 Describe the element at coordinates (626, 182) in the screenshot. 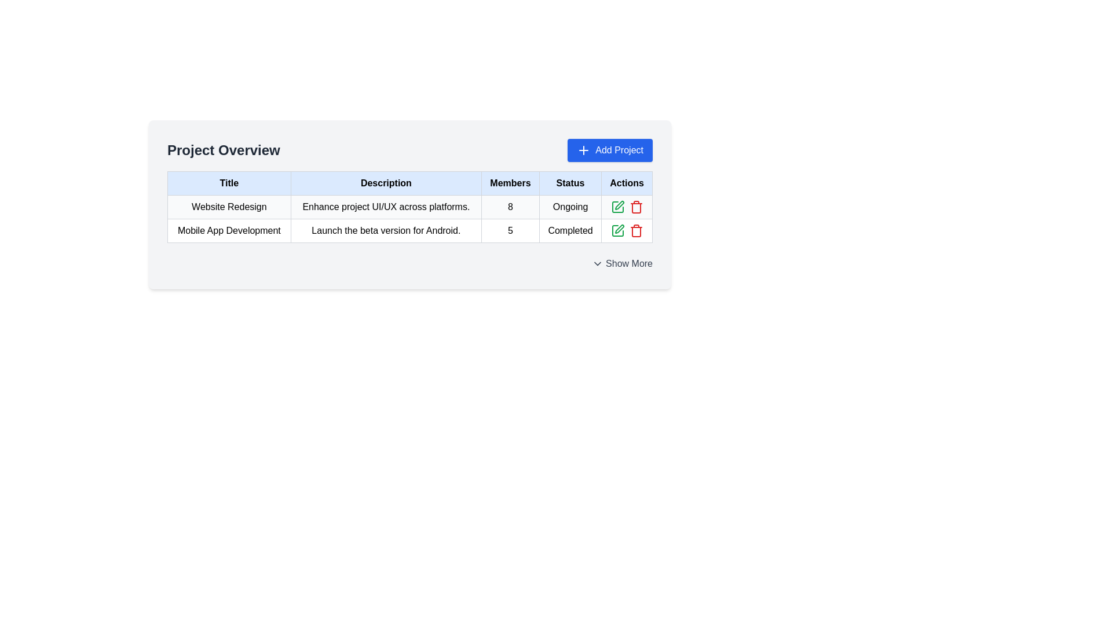

I see `the Table Header Cell labeled 'Actions' with a light blue background located at the far right of the header row` at that location.